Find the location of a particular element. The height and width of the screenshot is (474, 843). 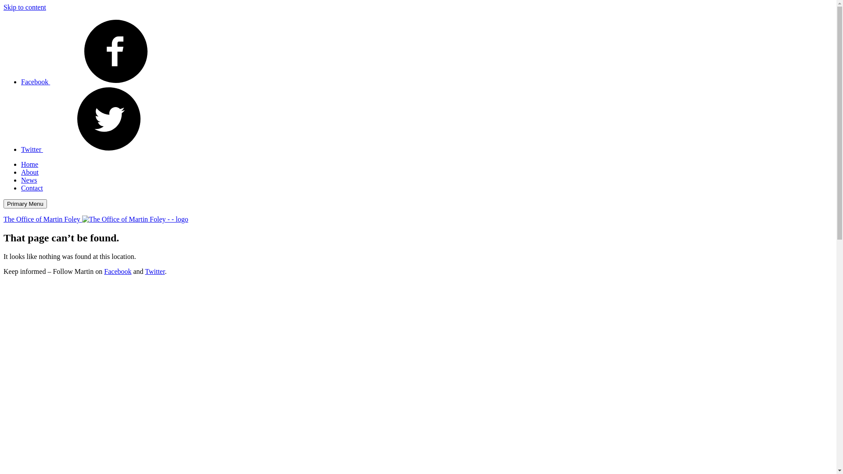

'Home' is located at coordinates (29, 164).